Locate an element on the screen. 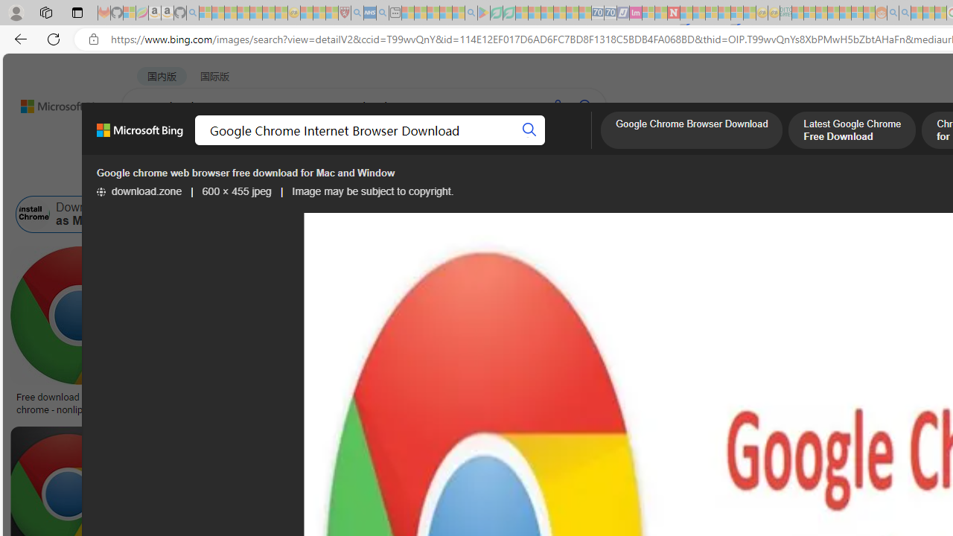  'Search button' is located at coordinates (530, 130).